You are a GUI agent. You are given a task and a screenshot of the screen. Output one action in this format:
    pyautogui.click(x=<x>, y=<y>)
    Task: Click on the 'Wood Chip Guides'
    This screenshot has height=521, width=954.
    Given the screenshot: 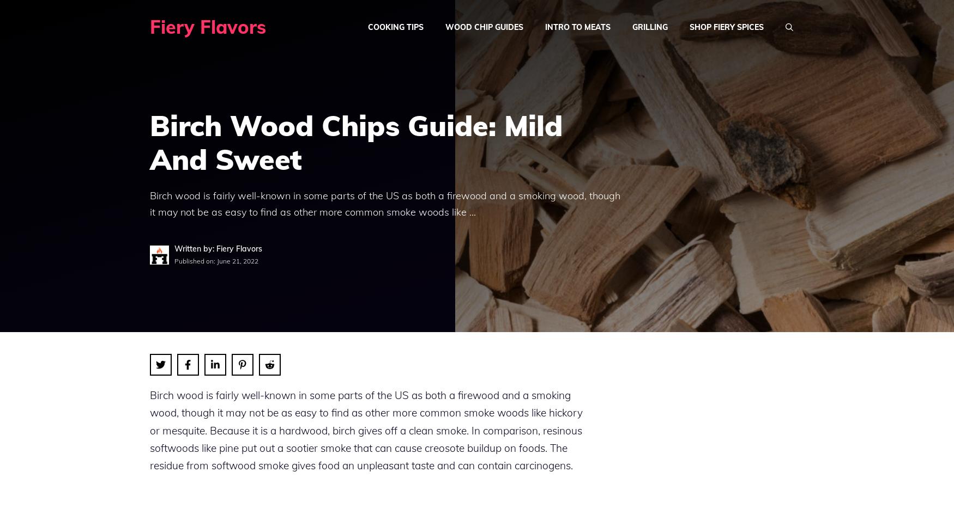 What is the action you would take?
    pyautogui.click(x=484, y=26)
    